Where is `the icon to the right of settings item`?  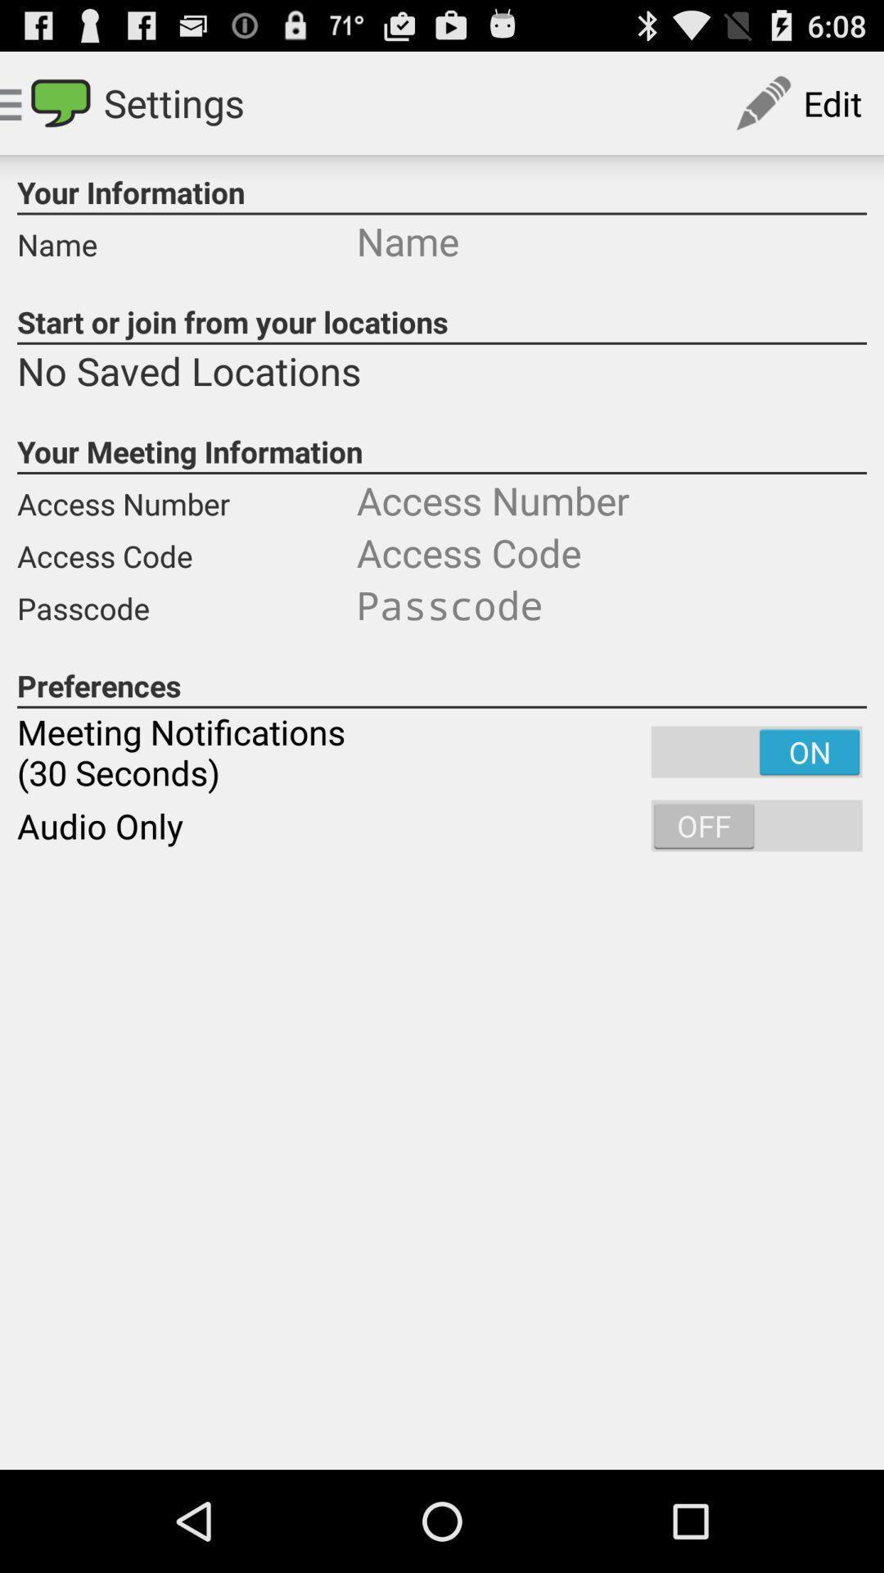 the icon to the right of settings item is located at coordinates (797, 102).